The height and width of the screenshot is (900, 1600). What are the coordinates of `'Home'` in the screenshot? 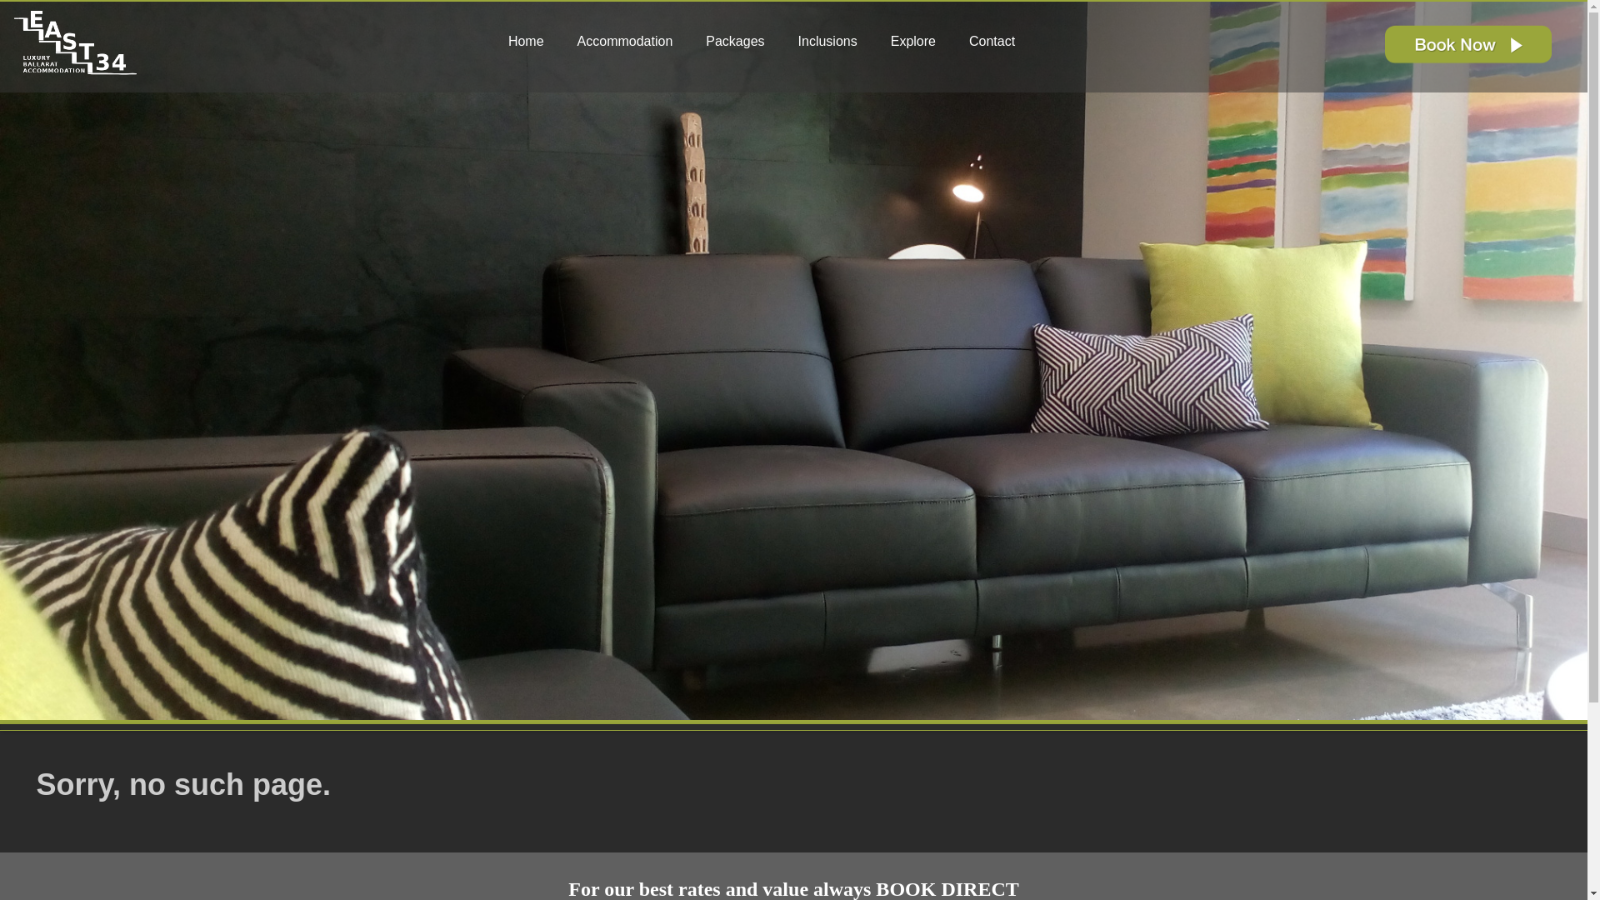 It's located at (532, 41).